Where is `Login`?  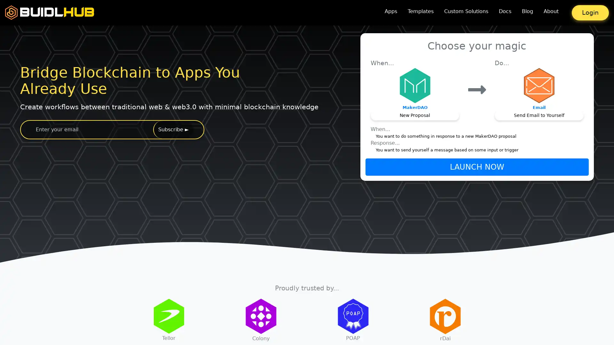
Login is located at coordinates (590, 12).